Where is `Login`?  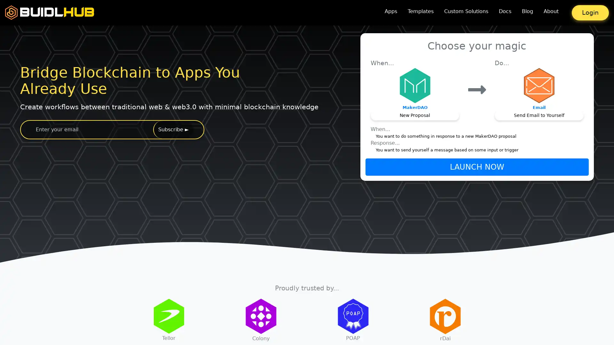
Login is located at coordinates (590, 12).